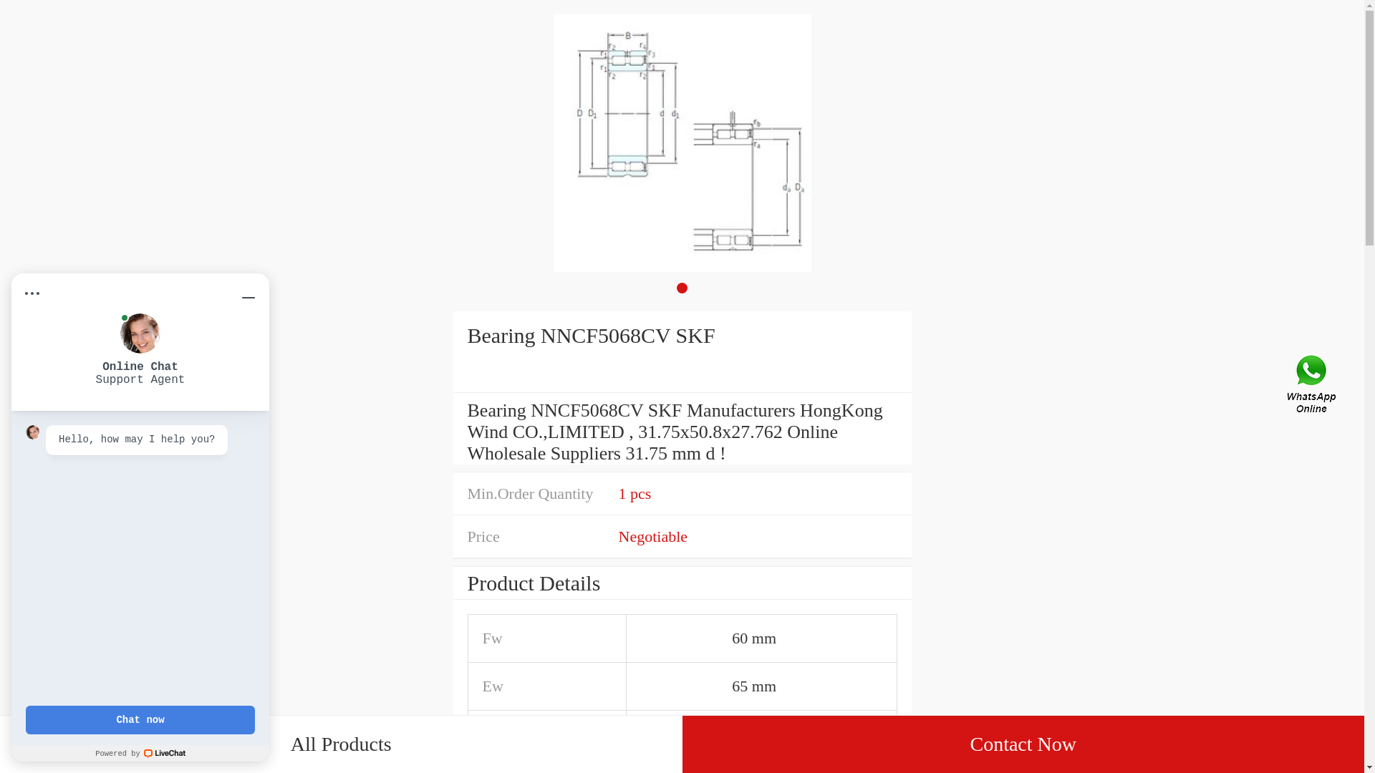 Image resolution: width=1375 pixels, height=773 pixels. I want to click on 'Contact Us', so click(1313, 386).